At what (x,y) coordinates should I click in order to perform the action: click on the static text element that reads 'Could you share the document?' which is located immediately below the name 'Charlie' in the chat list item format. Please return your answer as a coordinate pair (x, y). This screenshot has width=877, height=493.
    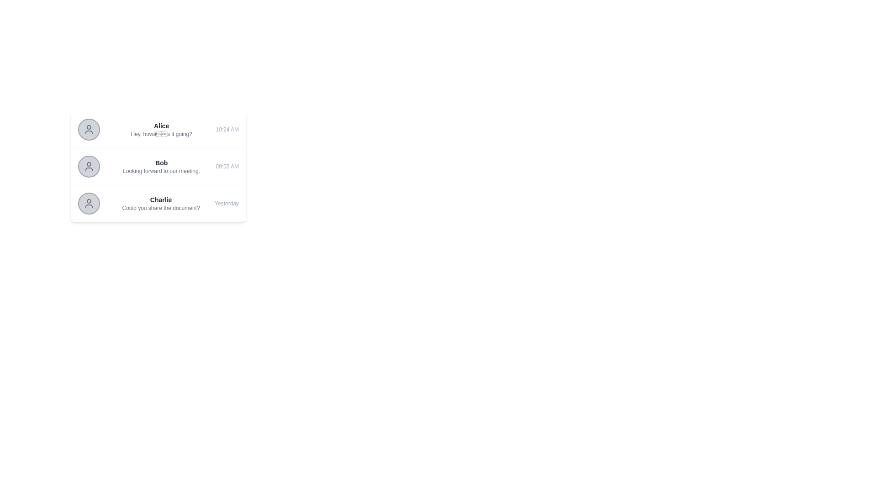
    Looking at the image, I should click on (161, 208).